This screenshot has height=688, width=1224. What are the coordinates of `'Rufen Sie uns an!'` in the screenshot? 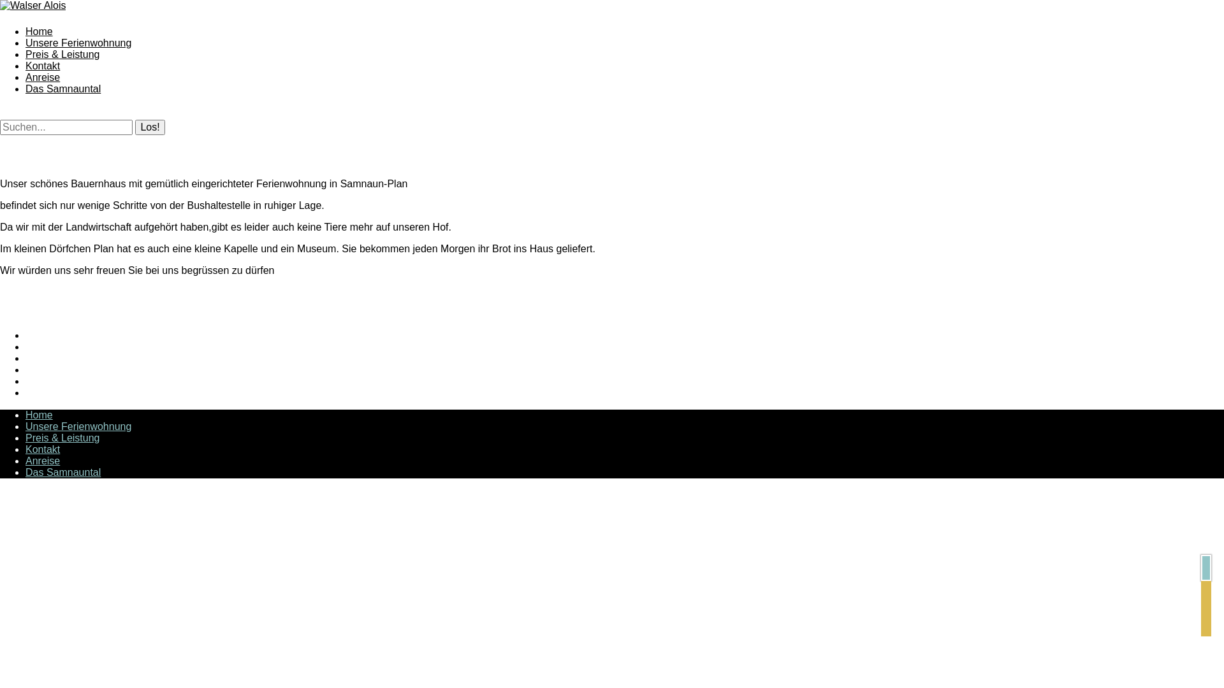 It's located at (1205, 590).